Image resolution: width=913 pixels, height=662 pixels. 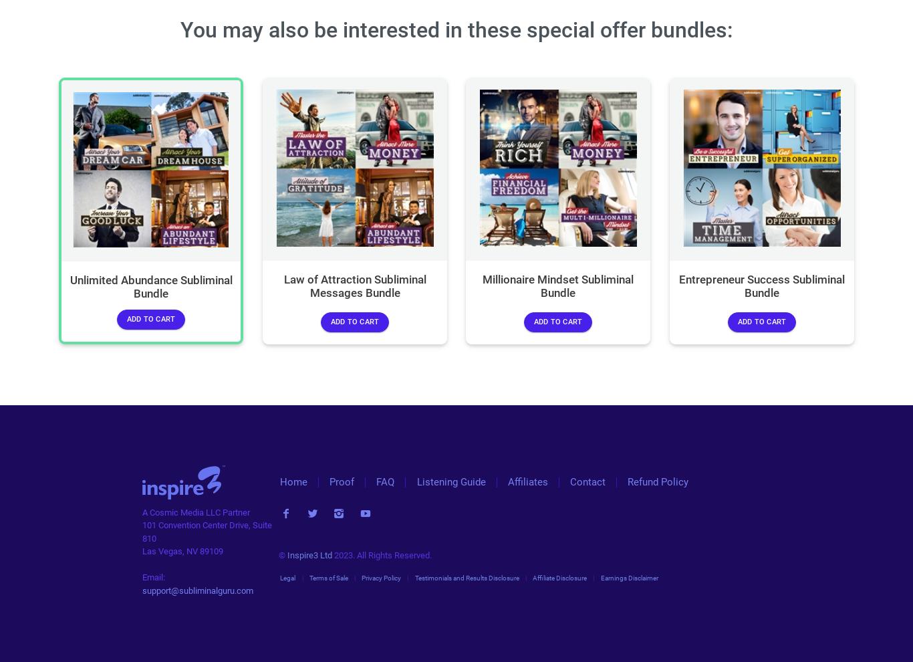 I want to click on 'Affiliates', so click(x=527, y=481).